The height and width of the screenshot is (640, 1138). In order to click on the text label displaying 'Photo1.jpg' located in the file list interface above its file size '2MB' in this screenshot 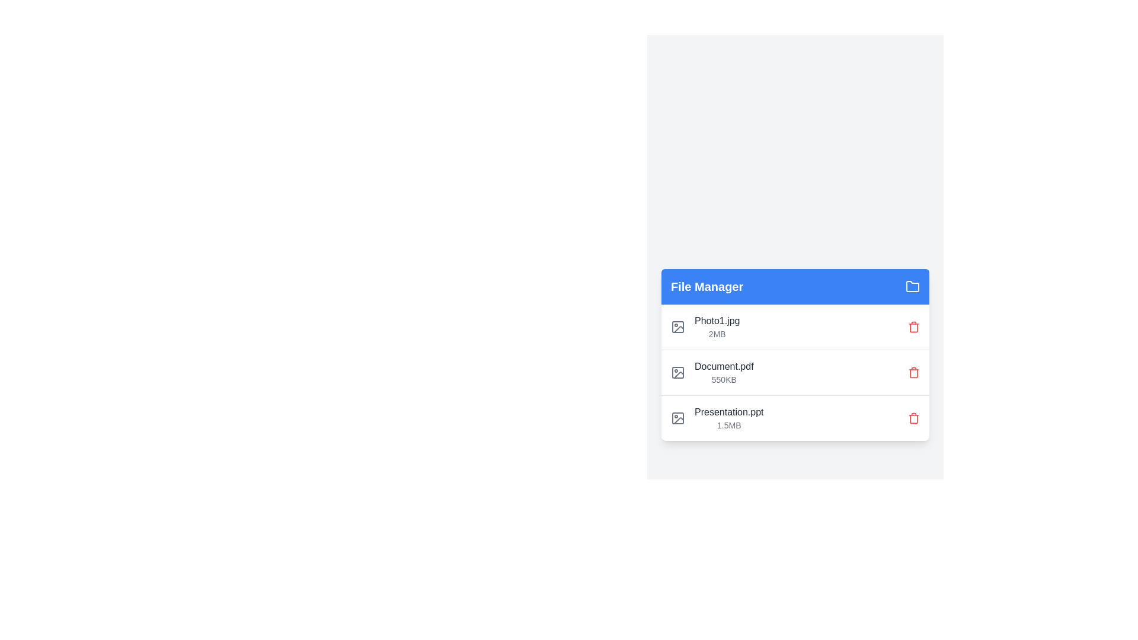, I will do `click(717, 321)`.